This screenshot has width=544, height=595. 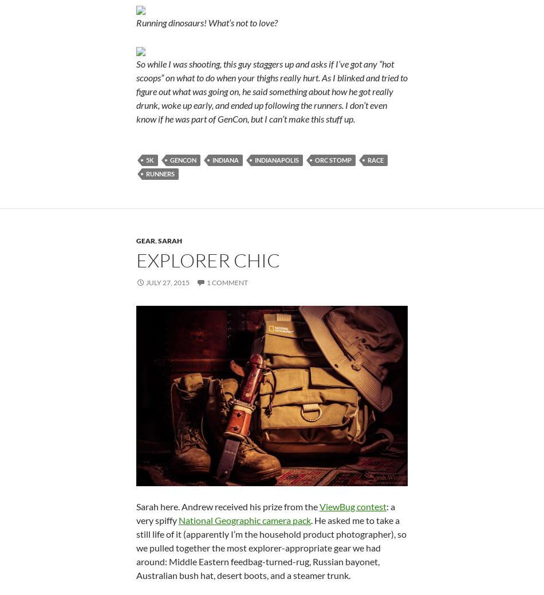 I want to click on '1 Comment', so click(x=227, y=281).